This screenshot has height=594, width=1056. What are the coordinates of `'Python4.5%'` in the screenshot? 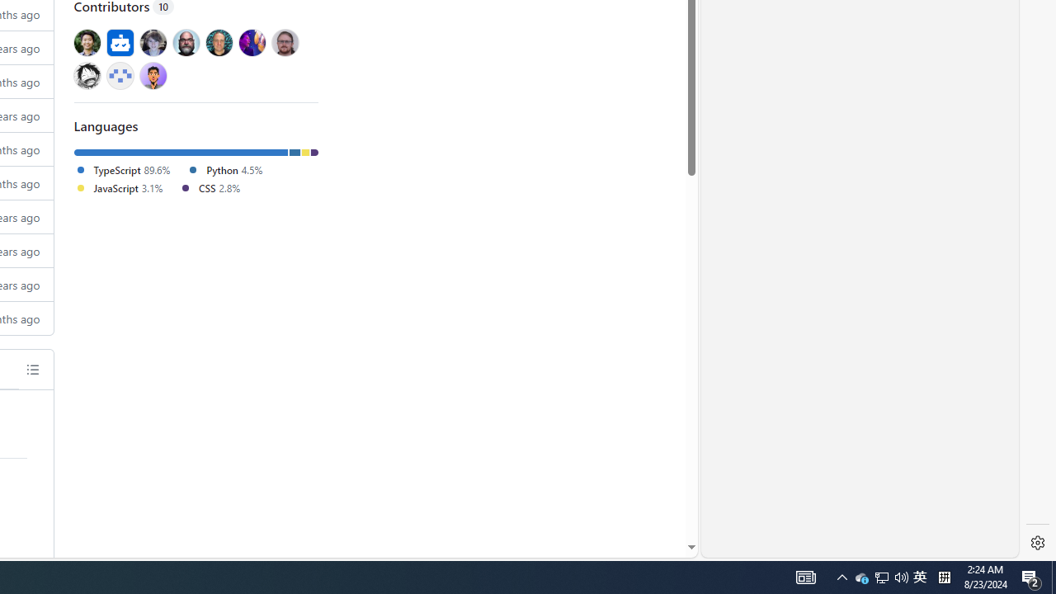 It's located at (230, 170).